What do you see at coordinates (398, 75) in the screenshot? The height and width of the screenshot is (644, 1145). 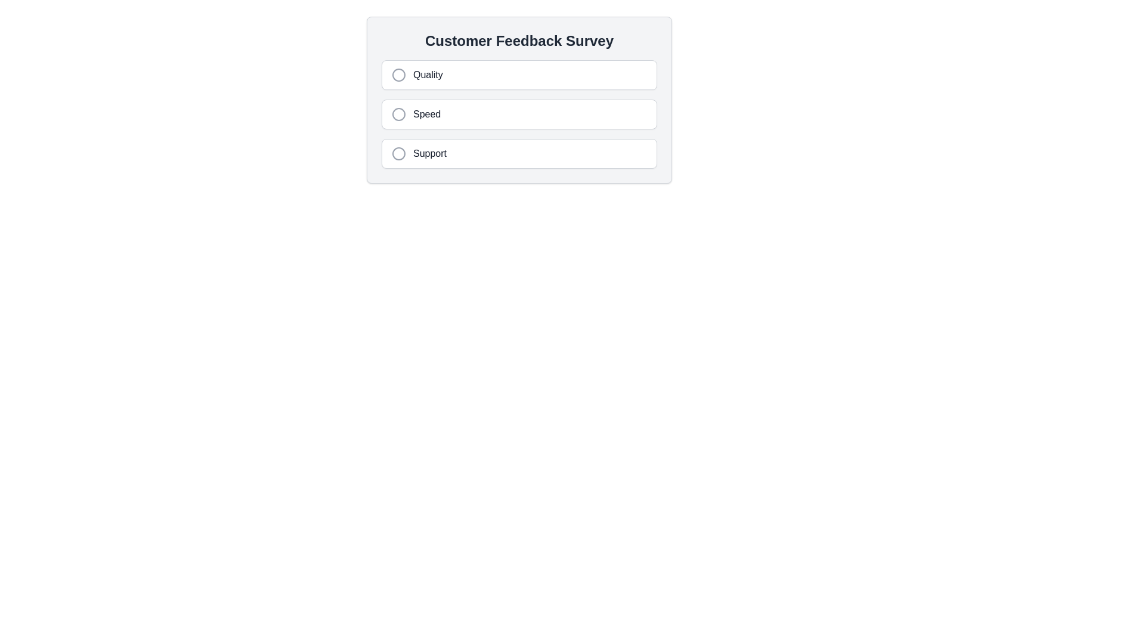 I see `the unselected radio button for 'Quality'` at bounding box center [398, 75].